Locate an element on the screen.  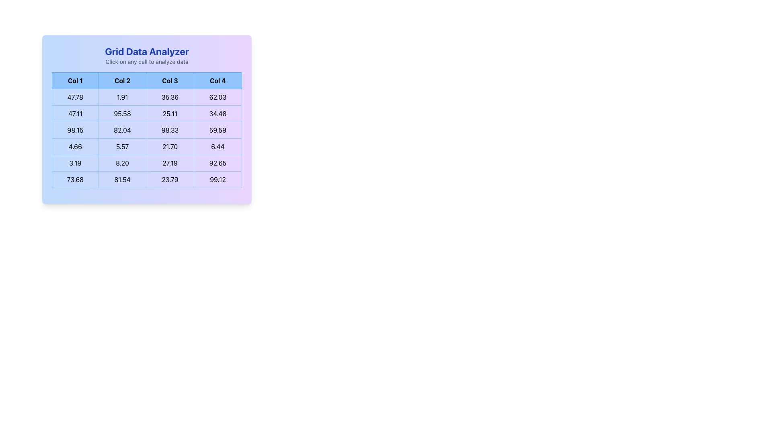
the Table Cell located in the second row and first column of the Grid Data Analyzer, which is positioned to the left of '8.20' and to the right of the column header 'Col 1' is located at coordinates (75, 163).